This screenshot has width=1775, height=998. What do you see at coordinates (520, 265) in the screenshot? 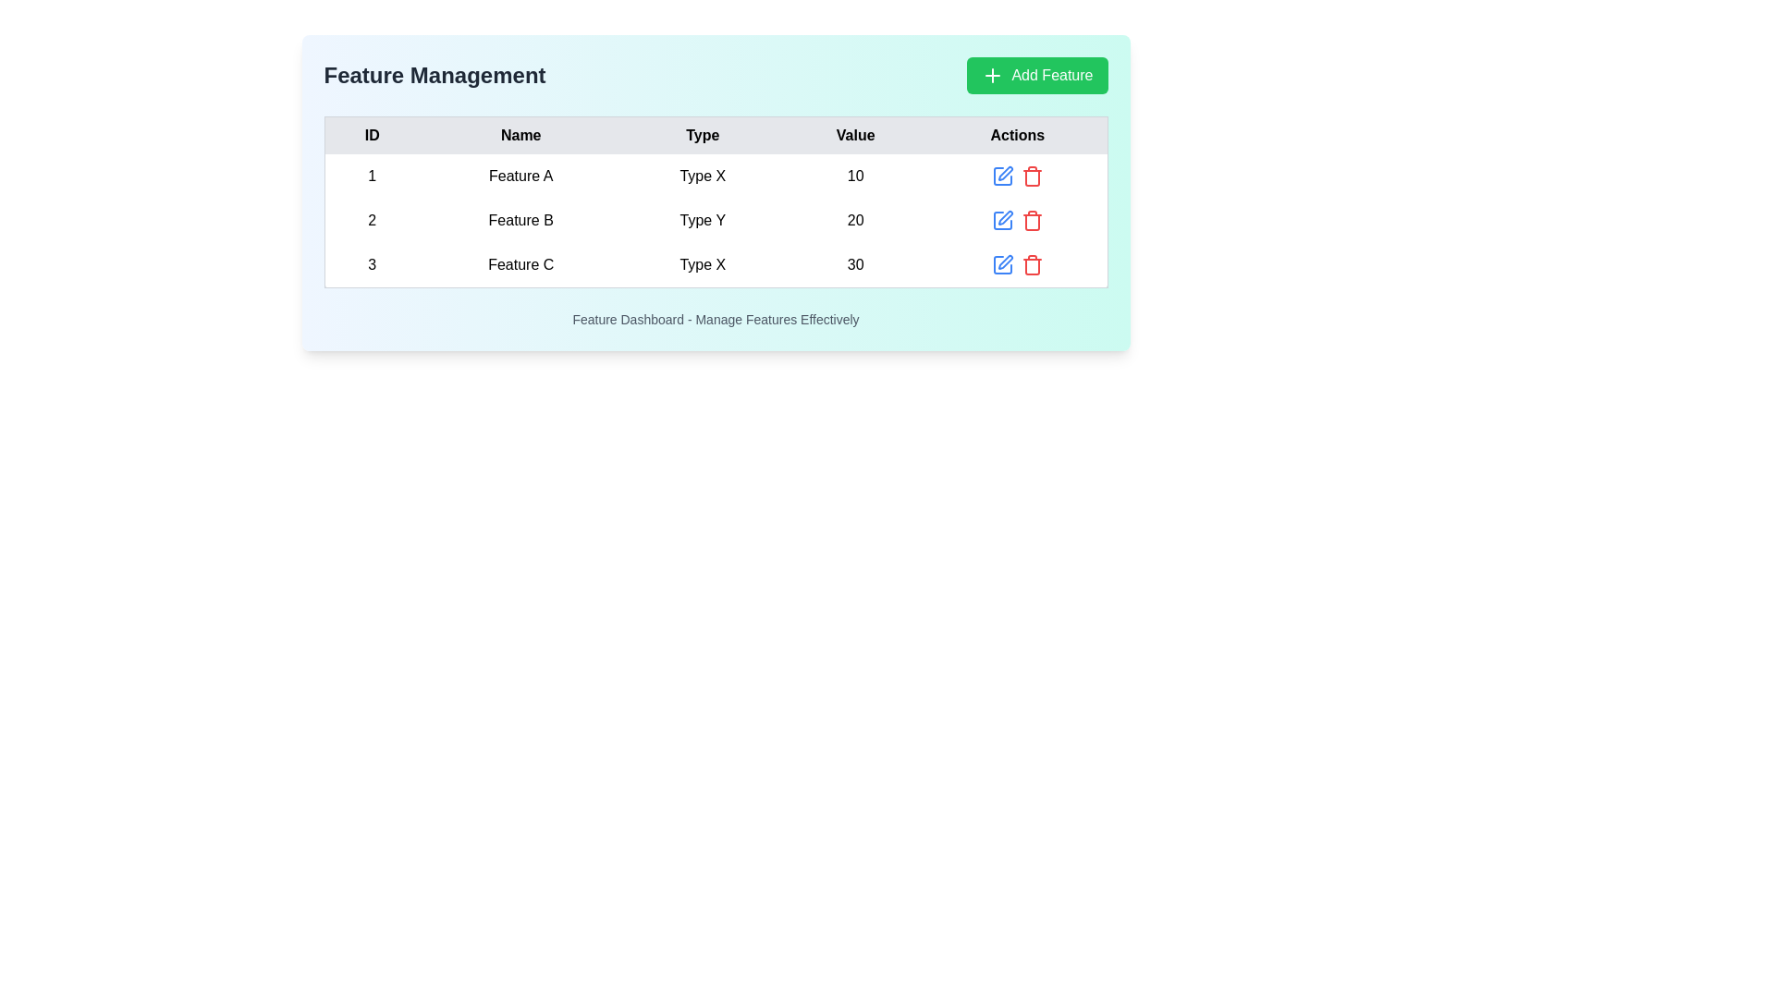
I see `the non-interactive text label displaying 'Feature C' located in the third row, second column of a table` at bounding box center [520, 265].